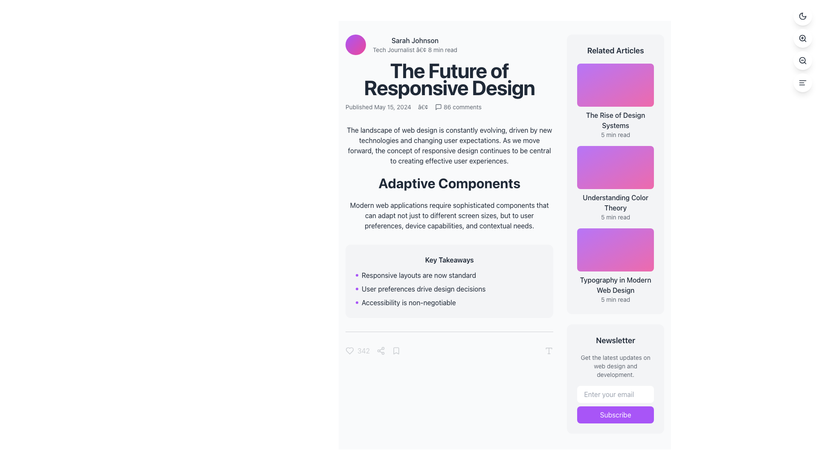 The image size is (819, 461). What do you see at coordinates (616, 134) in the screenshot?
I see `the static text label indicating the estimated reading time for the article titled 'The Rise of Design Systems', located in the 'Related Articles' section` at bounding box center [616, 134].